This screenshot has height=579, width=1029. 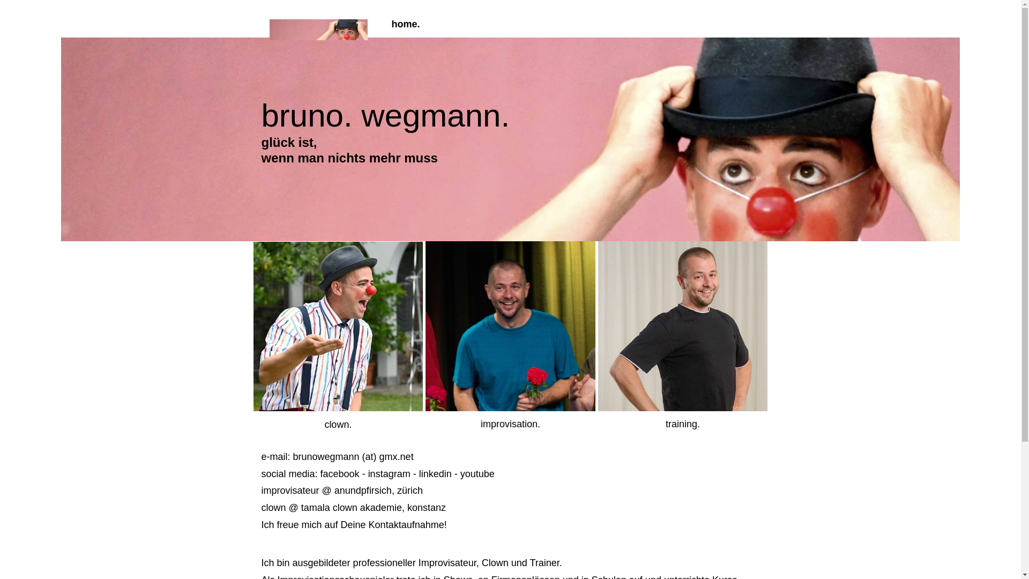 I want to click on 'youtube', so click(x=477, y=473).